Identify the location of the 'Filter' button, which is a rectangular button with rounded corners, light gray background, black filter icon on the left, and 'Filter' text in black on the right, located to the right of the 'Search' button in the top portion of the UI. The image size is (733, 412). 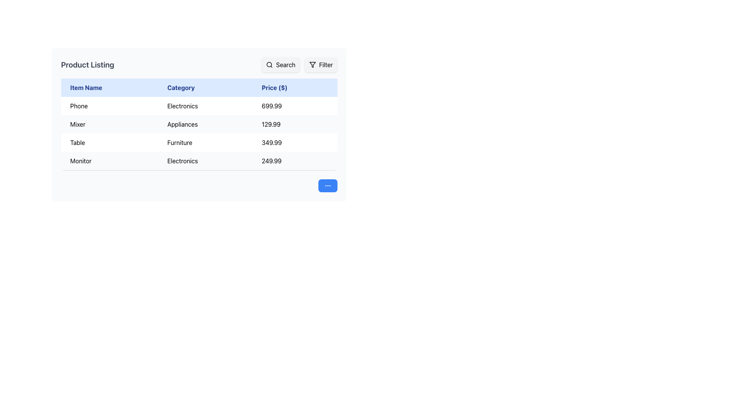
(321, 64).